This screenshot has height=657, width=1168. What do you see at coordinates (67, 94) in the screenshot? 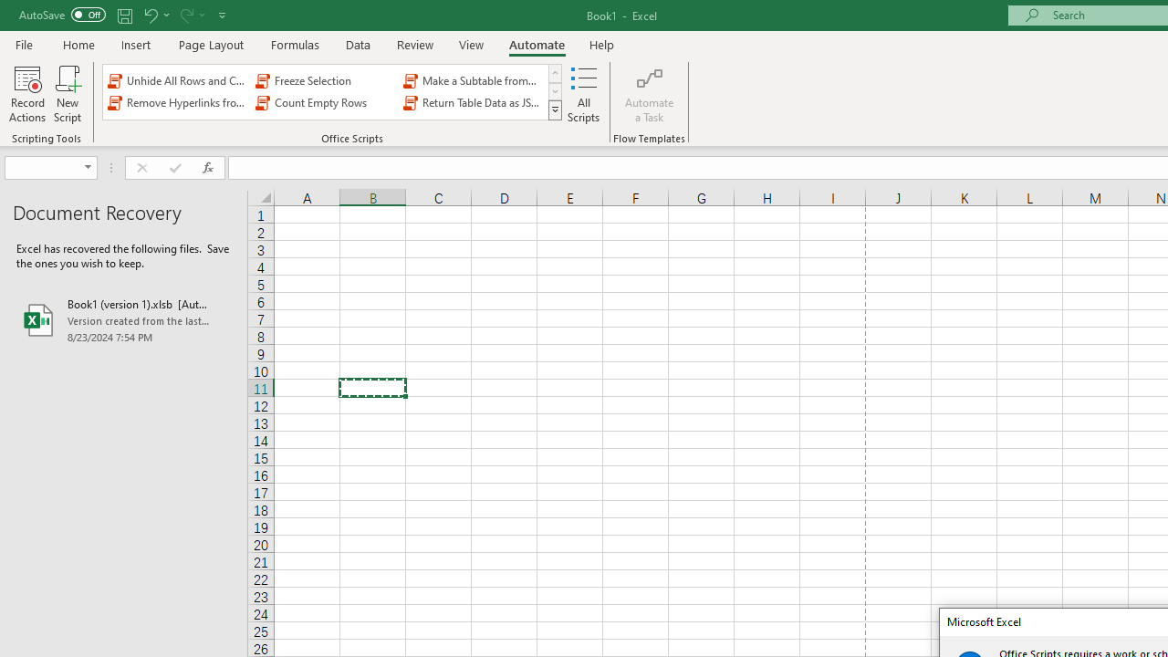
I see `'New Script'` at bounding box center [67, 94].